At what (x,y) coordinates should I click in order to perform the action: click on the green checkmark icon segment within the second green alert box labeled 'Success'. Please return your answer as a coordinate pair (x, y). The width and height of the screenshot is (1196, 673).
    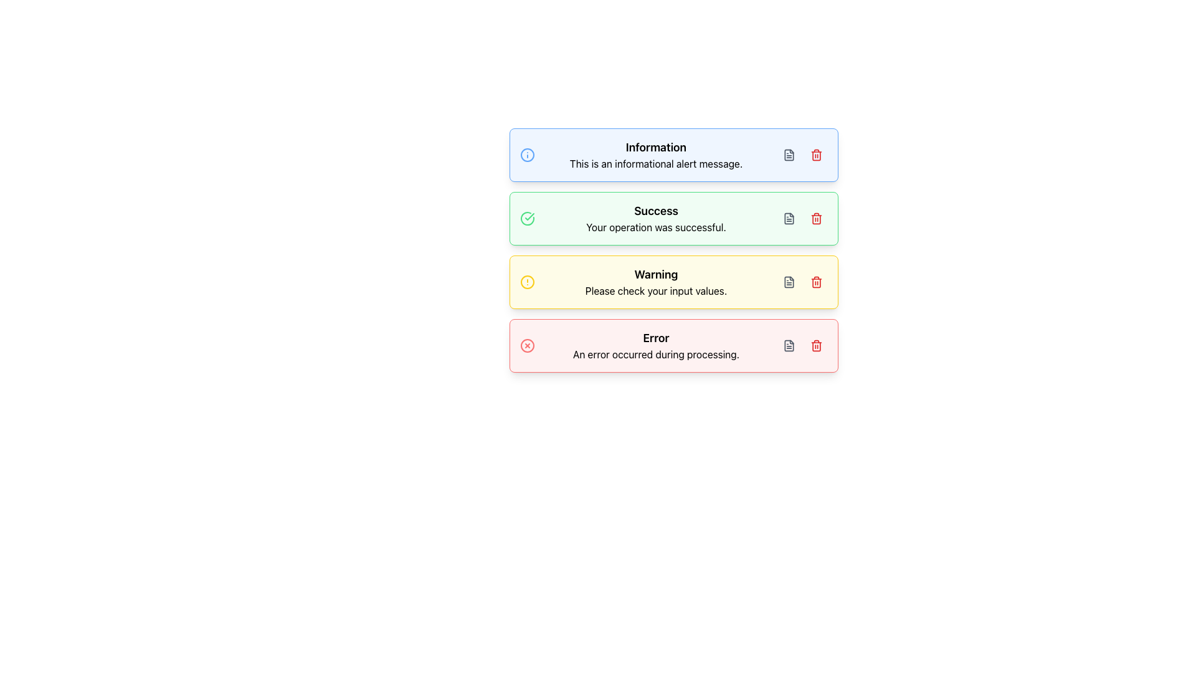
    Looking at the image, I should click on (527, 218).